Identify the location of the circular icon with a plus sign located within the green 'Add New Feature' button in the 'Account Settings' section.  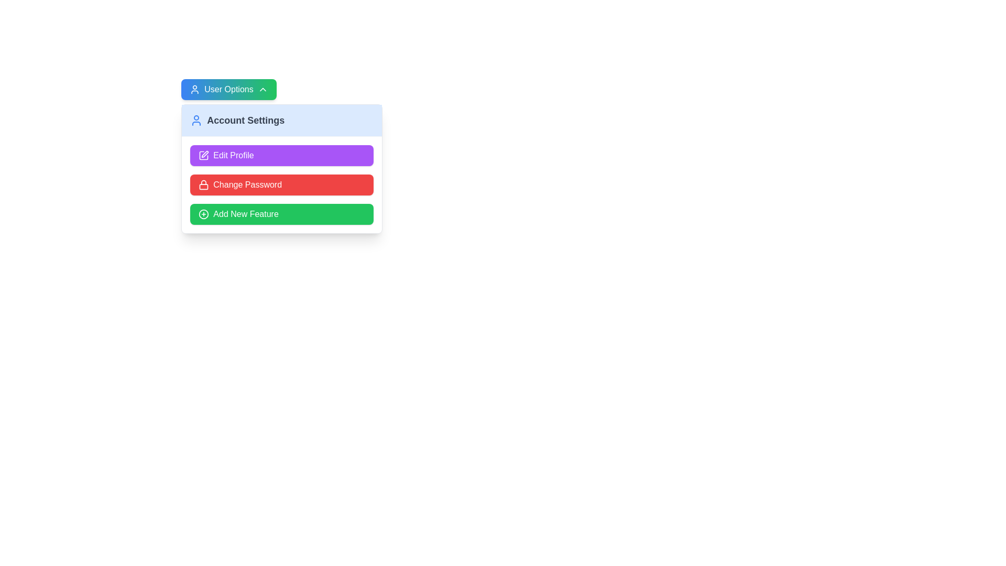
(204, 213).